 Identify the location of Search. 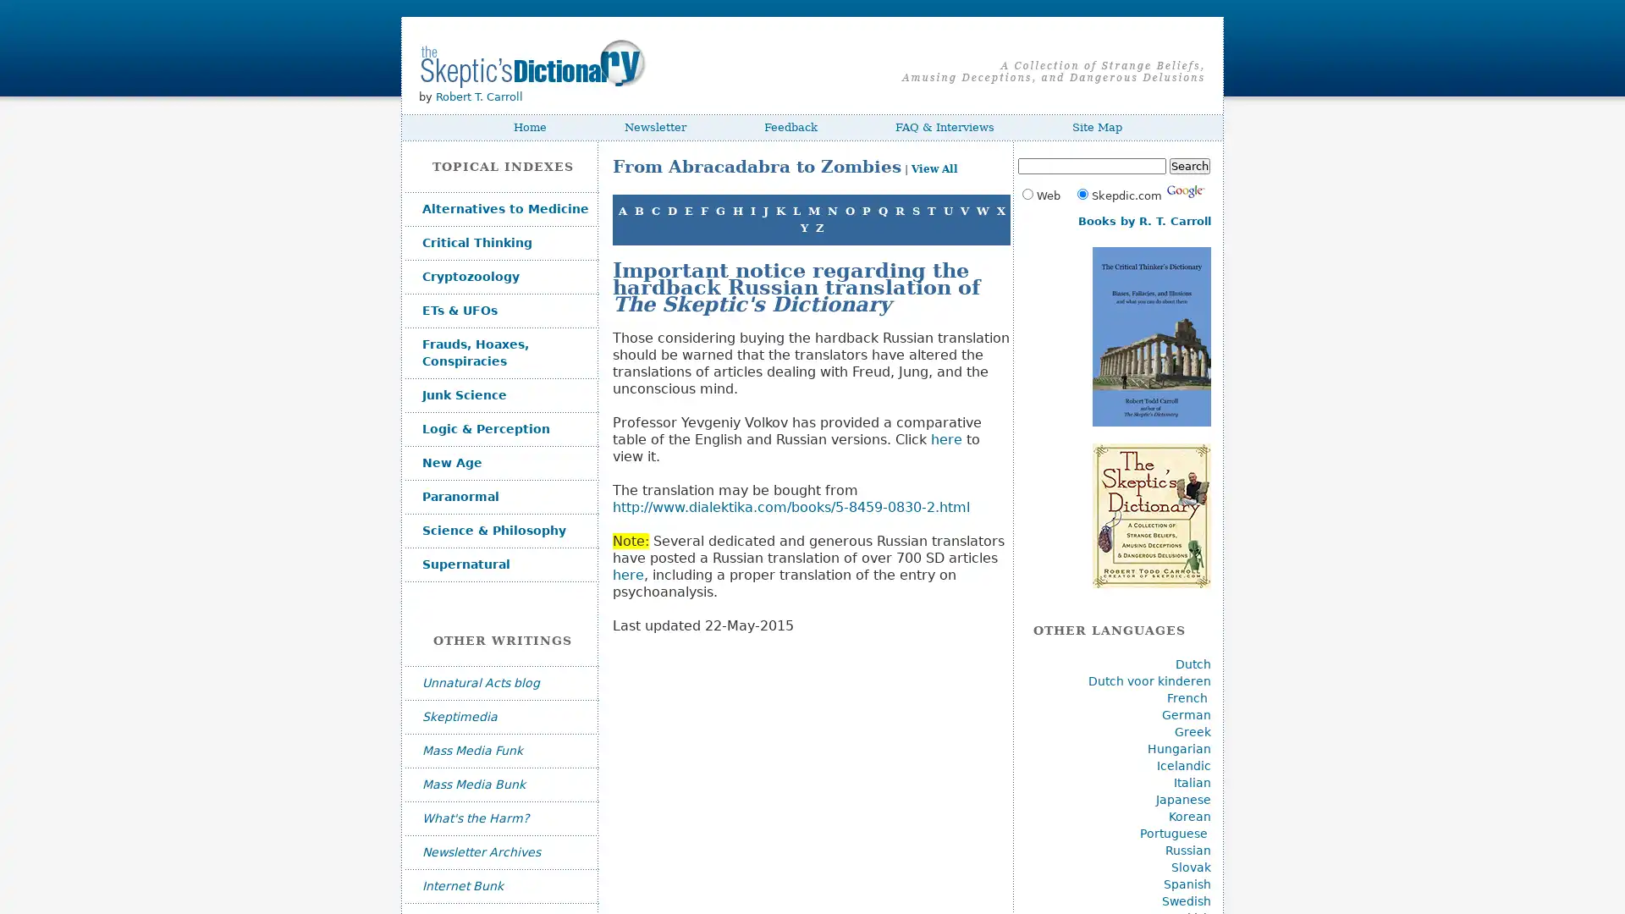
(1188, 166).